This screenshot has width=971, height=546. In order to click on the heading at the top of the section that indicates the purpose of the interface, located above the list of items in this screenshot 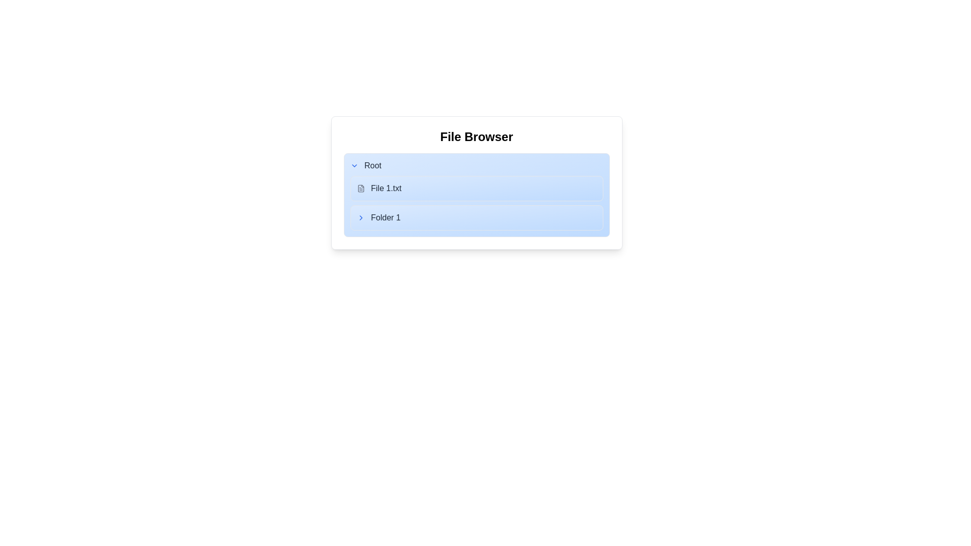, I will do `click(476, 136)`.